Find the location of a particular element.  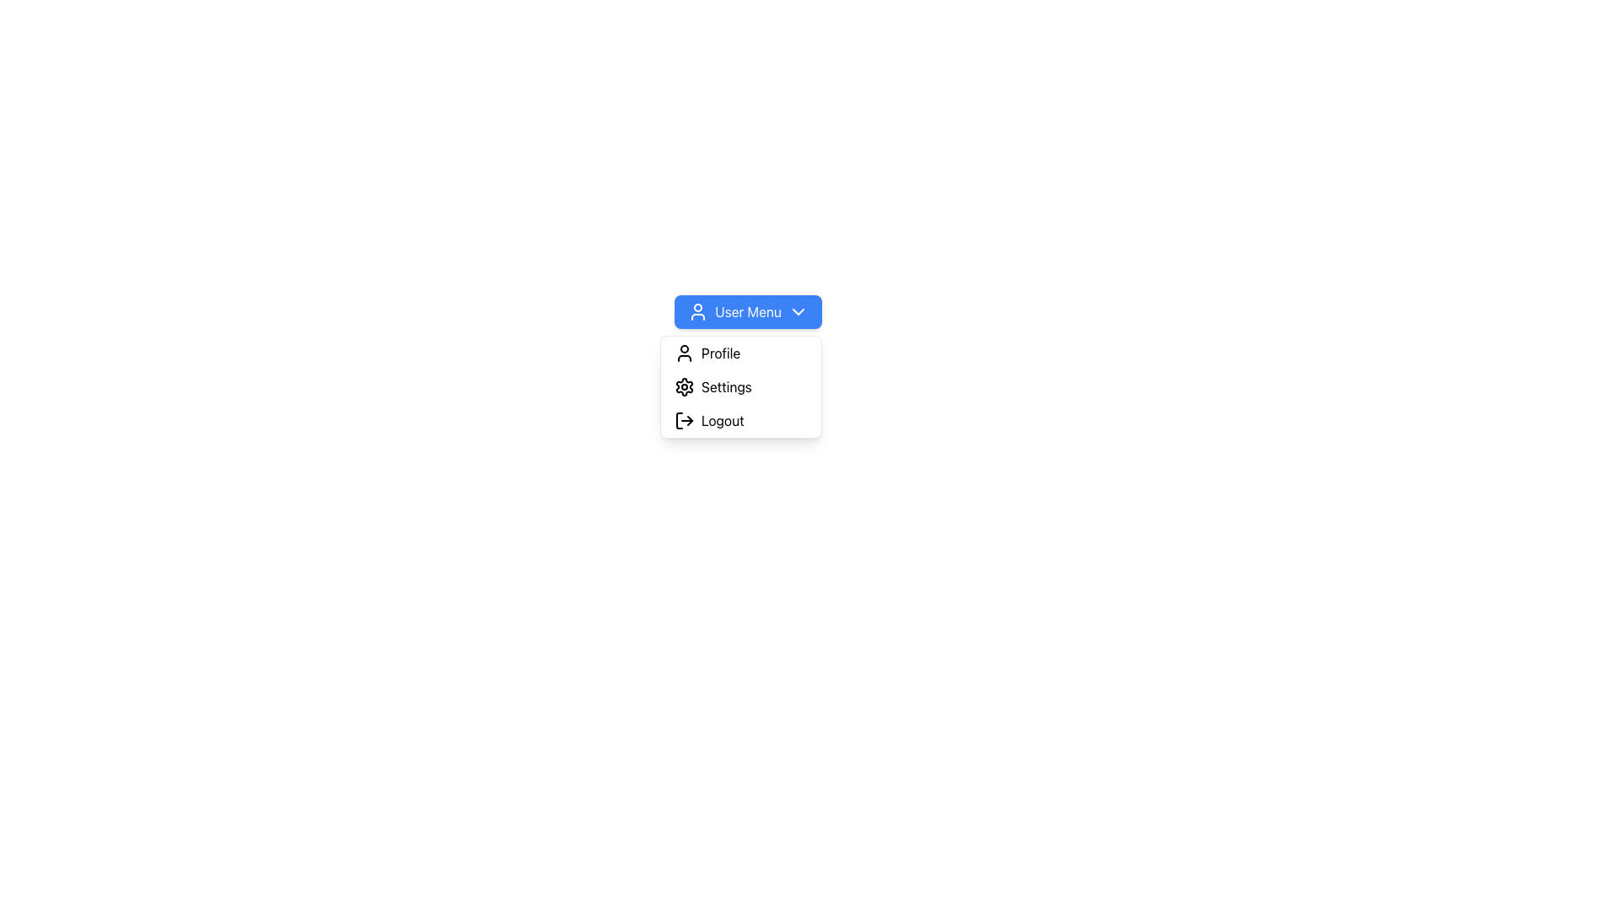

the arrow-shaped SVG graphic component indicating the logout option in the dropdown menu, positioned to the right of the logout text is located at coordinates (690, 419).